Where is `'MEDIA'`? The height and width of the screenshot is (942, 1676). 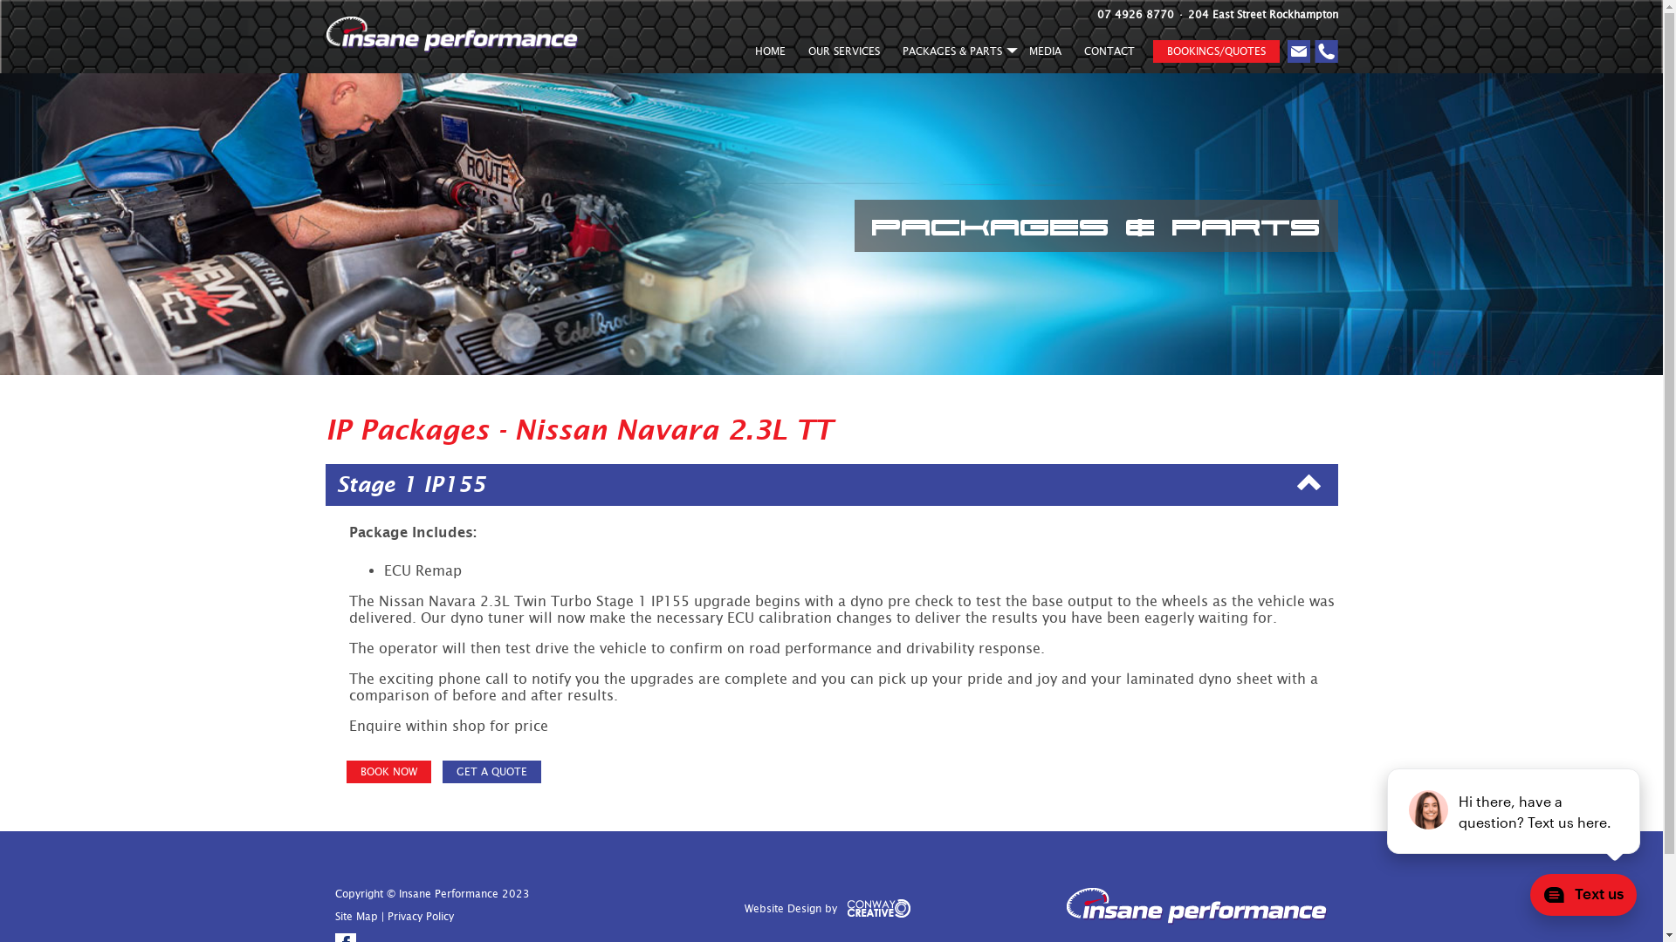 'MEDIA' is located at coordinates (1045, 53).